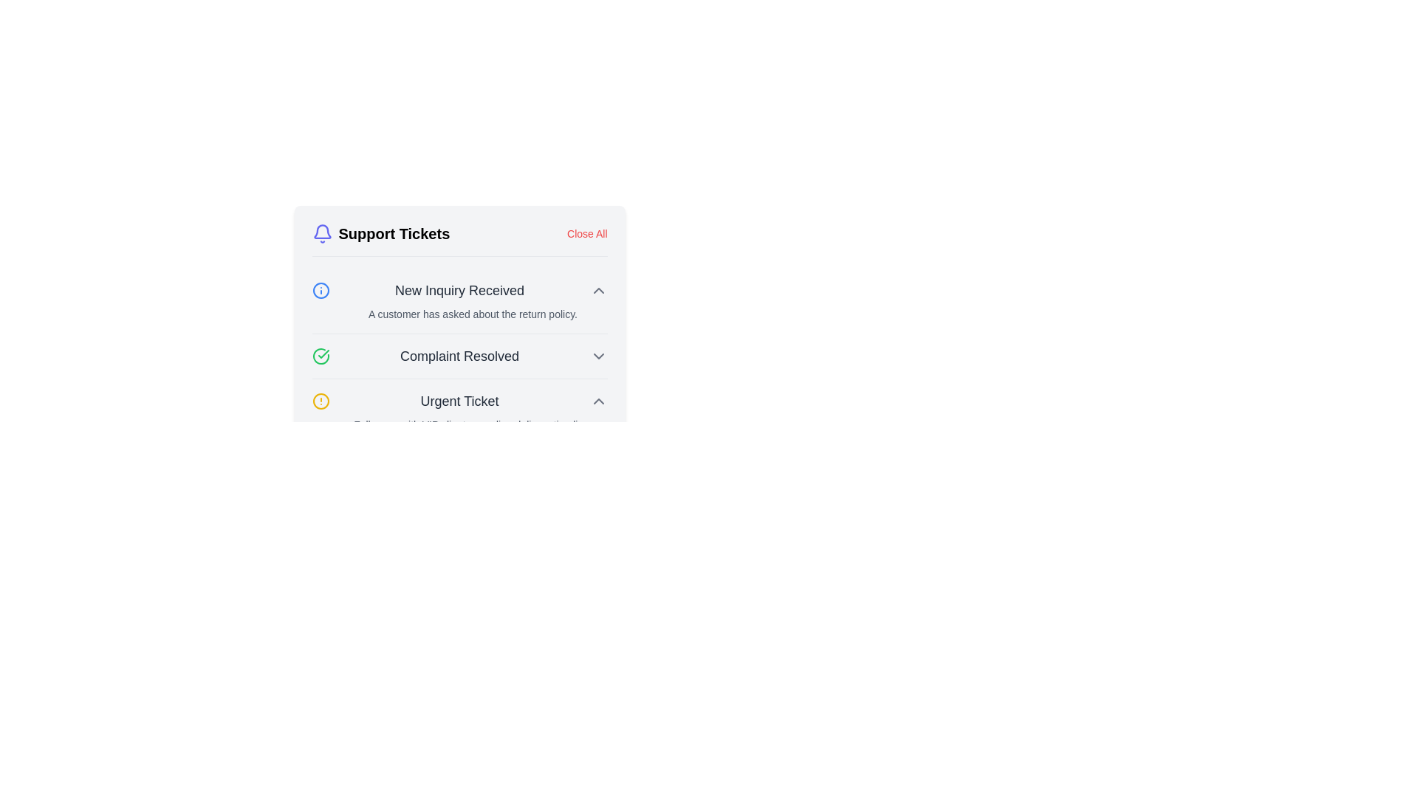 This screenshot has width=1418, height=797. Describe the element at coordinates (320, 401) in the screenshot. I see `the alert indicator icon for the 'Urgent Ticket' label, which is located to the left of the 'Urgent Ticket' title in a horizontal layout` at that location.